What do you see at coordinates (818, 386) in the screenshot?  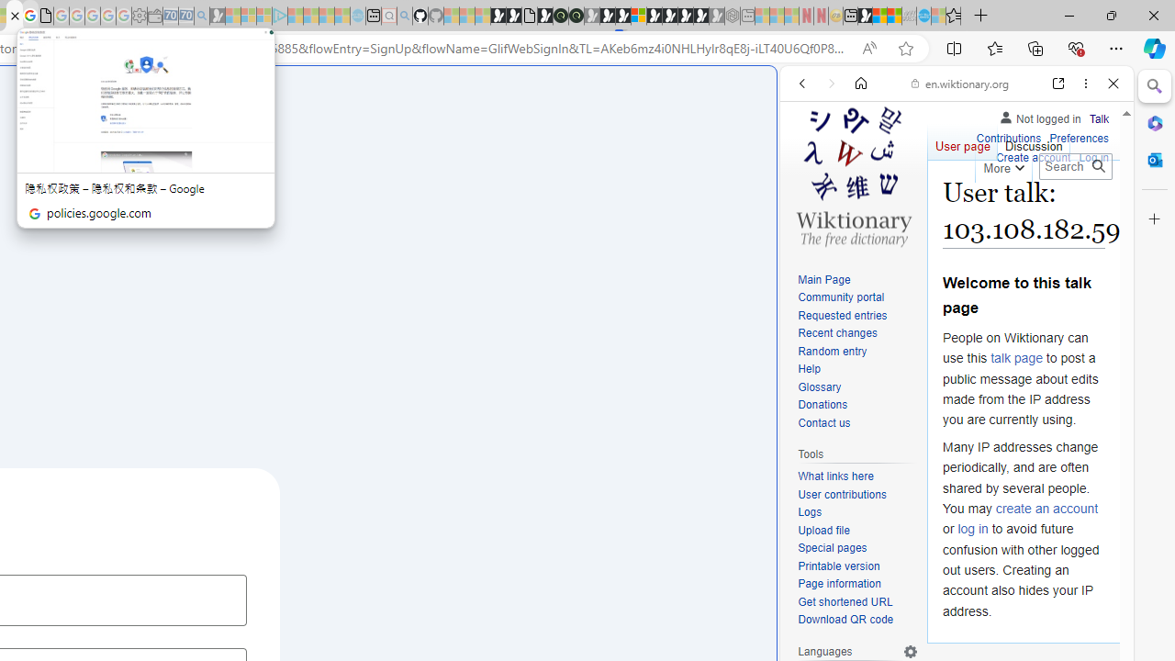 I see `'Glossary'` at bounding box center [818, 386].